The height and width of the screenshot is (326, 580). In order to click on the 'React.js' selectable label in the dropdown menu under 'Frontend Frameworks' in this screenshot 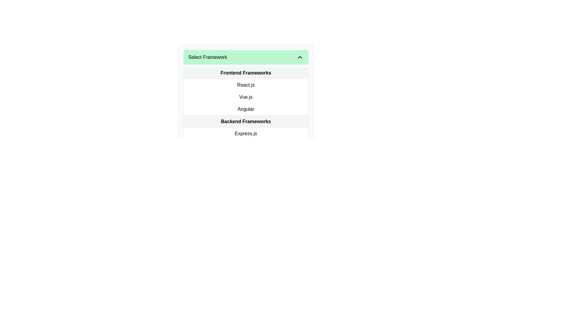, I will do `click(246, 85)`.